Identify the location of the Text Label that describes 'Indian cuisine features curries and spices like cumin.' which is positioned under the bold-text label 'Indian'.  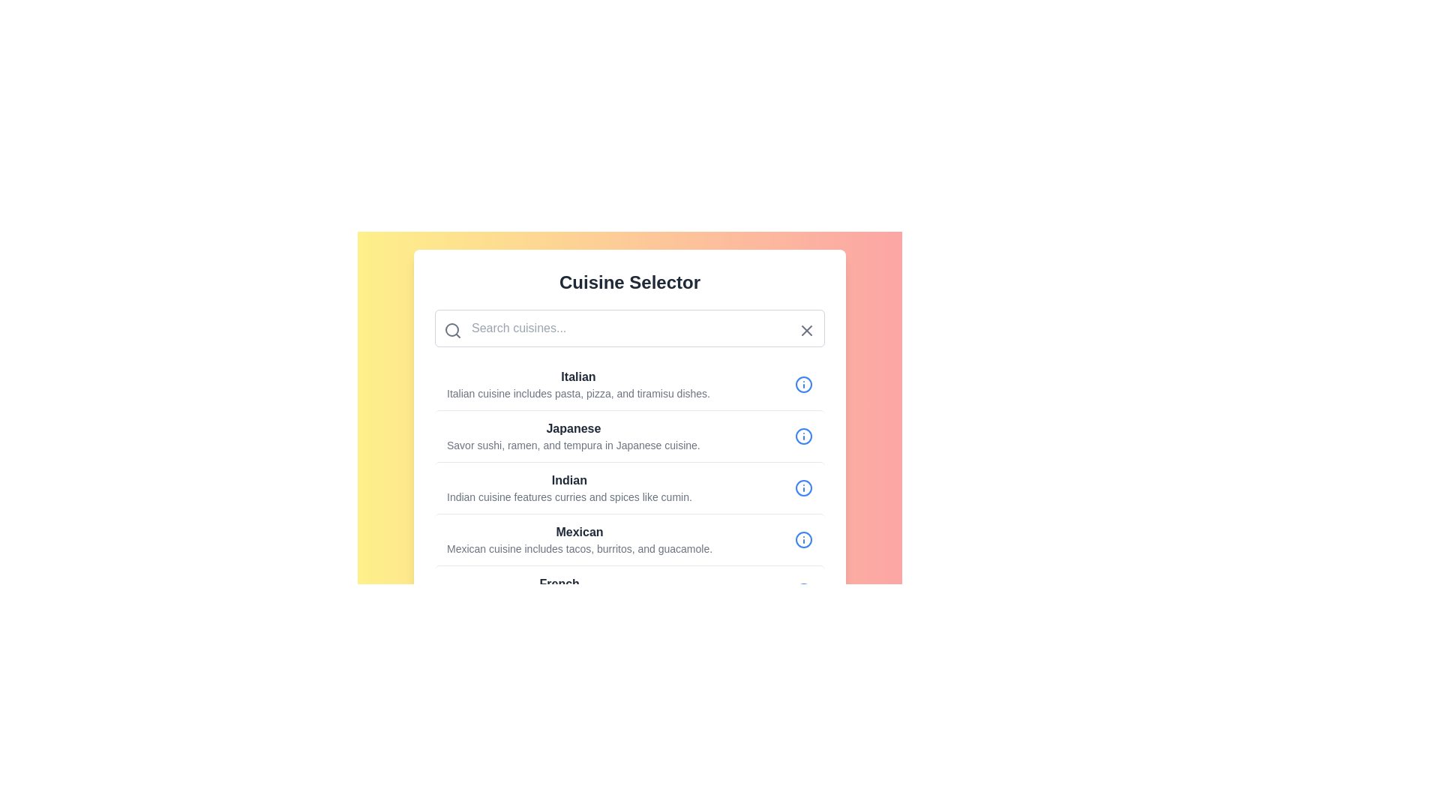
(568, 497).